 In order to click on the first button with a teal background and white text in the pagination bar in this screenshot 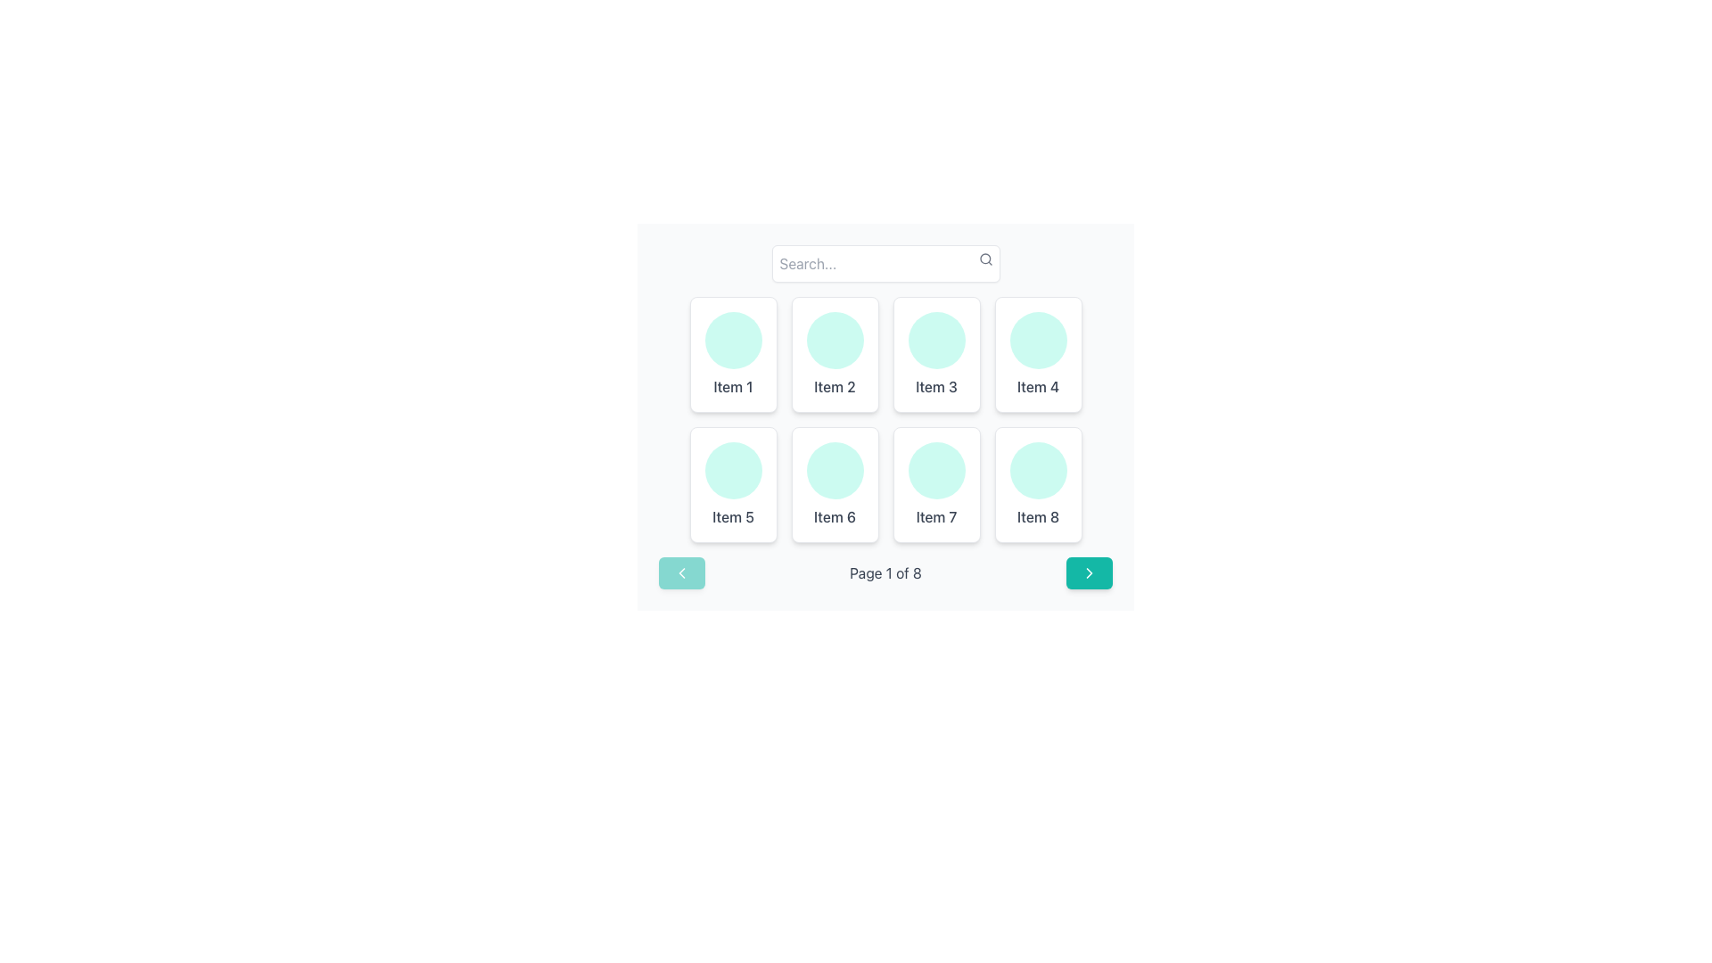, I will do `click(680, 573)`.